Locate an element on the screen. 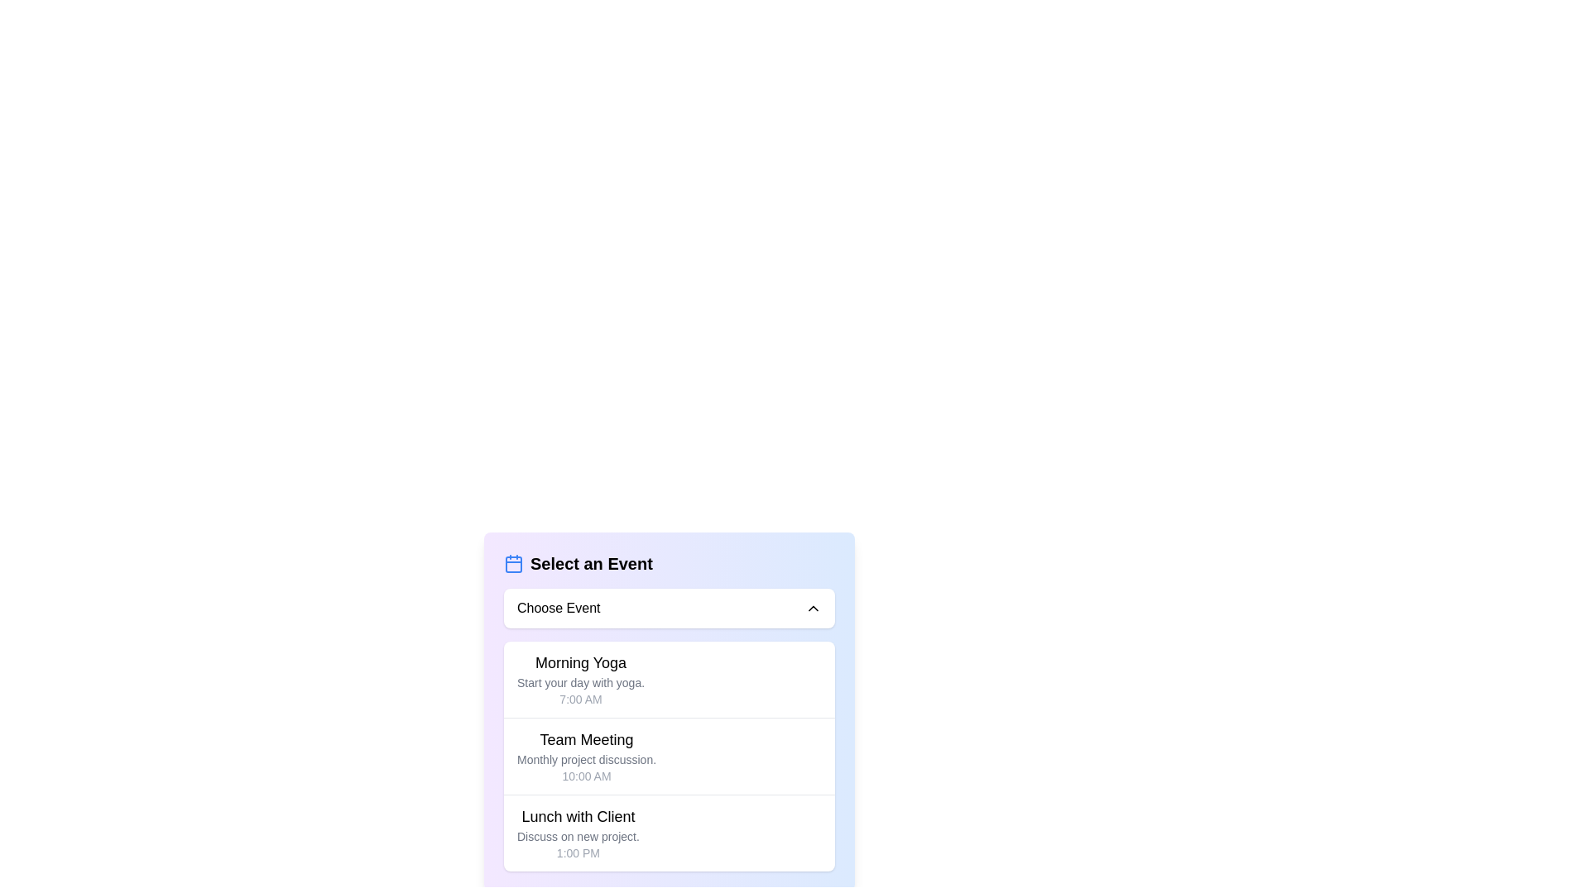 The image size is (1589, 893). the text snippet 'Discuss on new project.' which is styled in a small-sized font with a grayish tint, found in the 'Select an Event' section of the interface is located at coordinates (578, 836).